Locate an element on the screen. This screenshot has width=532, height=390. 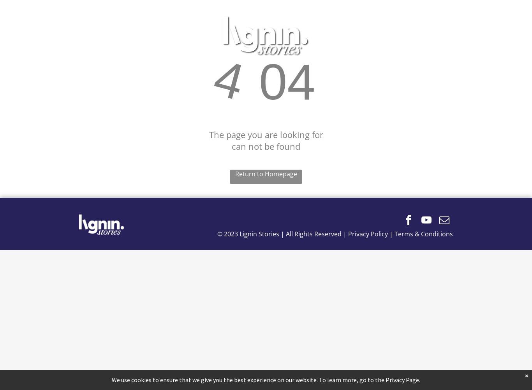
'STORIES' is located at coordinates (329, 35).